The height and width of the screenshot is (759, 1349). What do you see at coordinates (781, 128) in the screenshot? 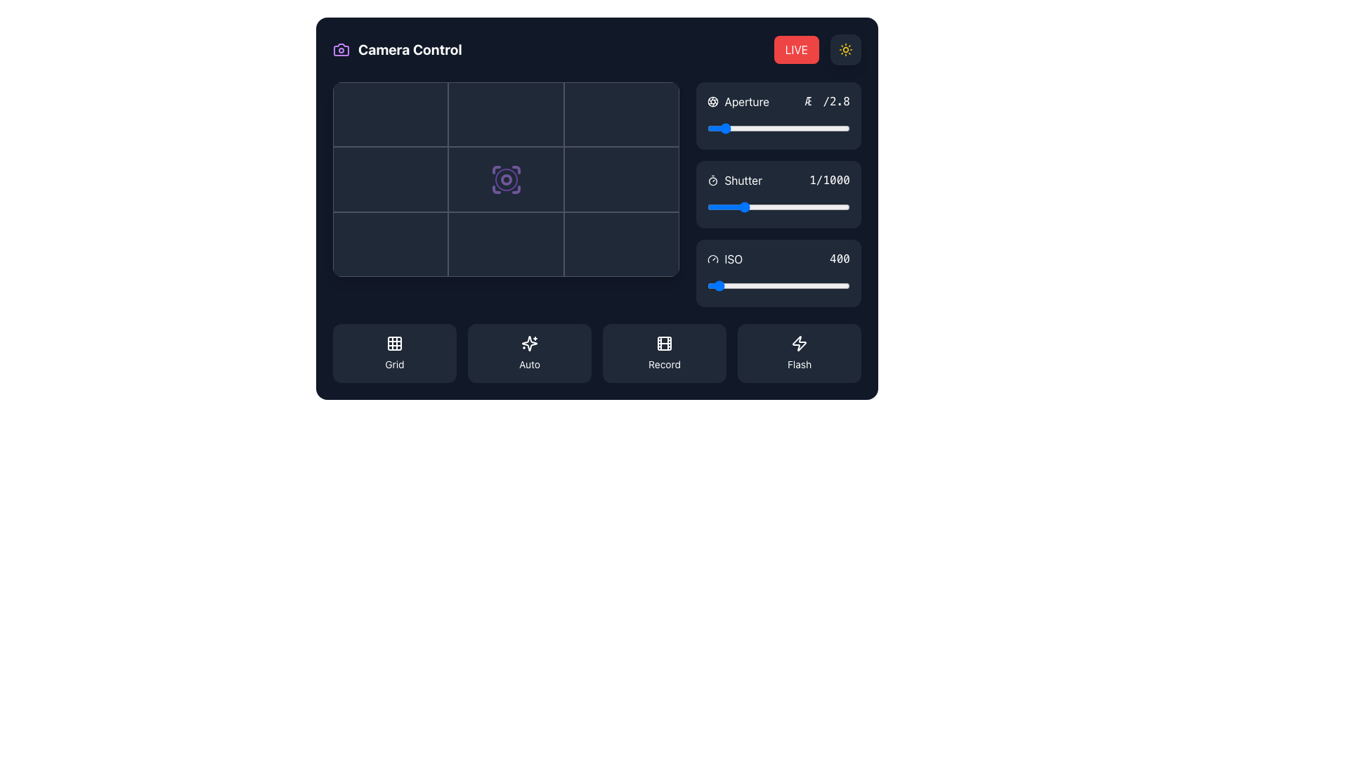
I see `the aperture` at bounding box center [781, 128].